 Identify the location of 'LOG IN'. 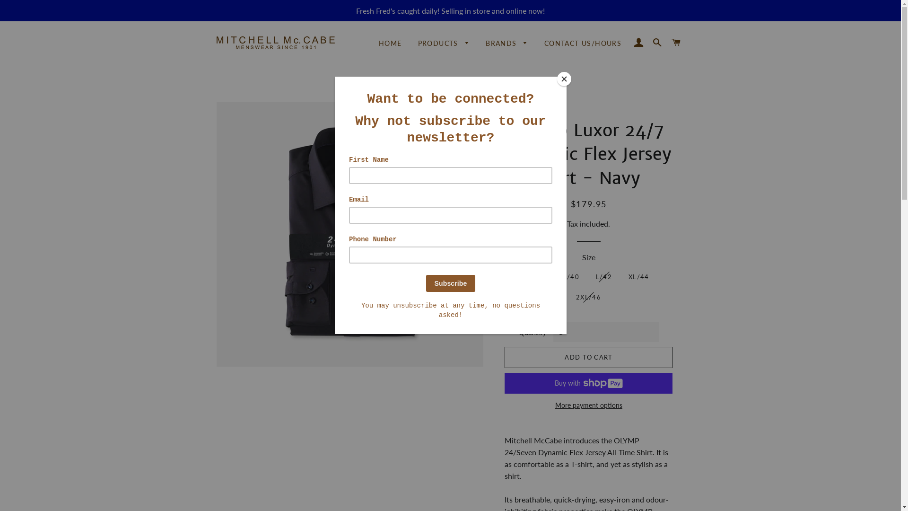
(638, 42).